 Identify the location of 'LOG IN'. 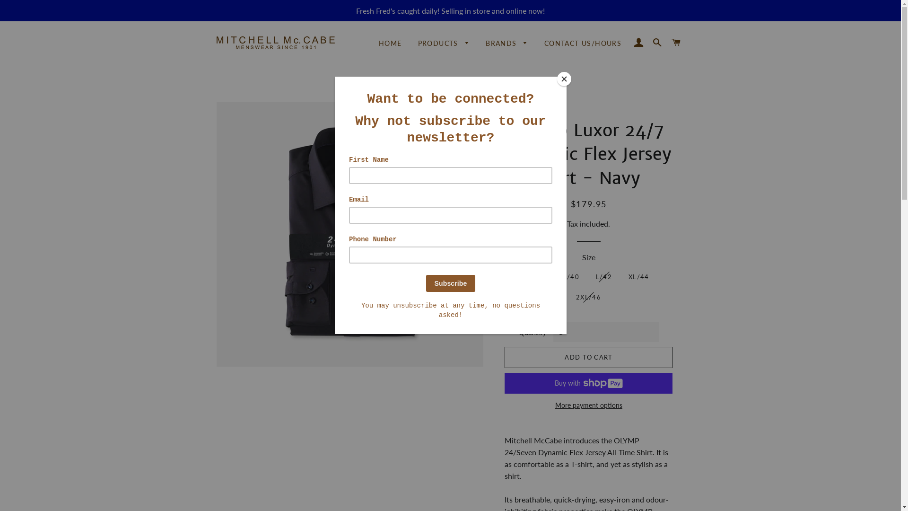
(638, 42).